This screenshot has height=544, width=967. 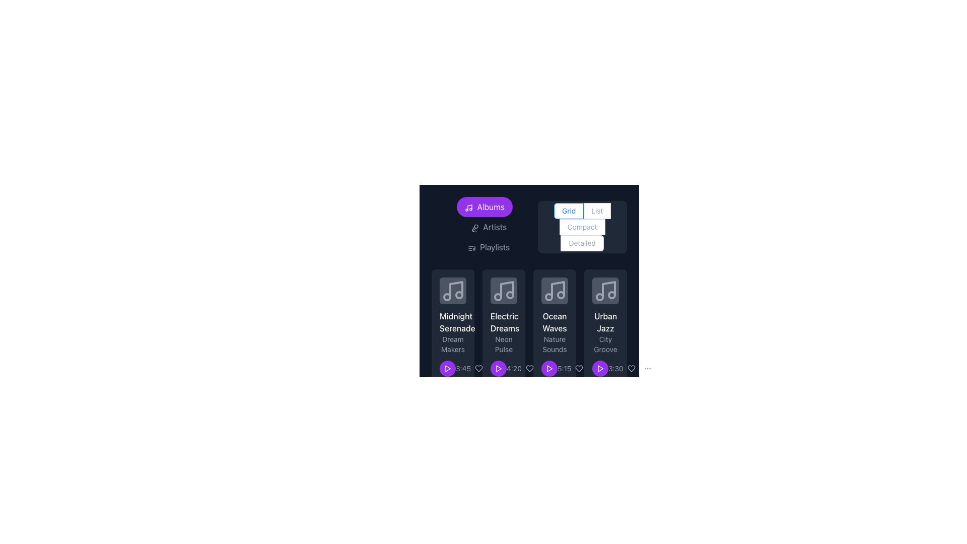 What do you see at coordinates (582, 243) in the screenshot?
I see `the fourth radio button in the button group that switches the view mode to a detailed layout` at bounding box center [582, 243].